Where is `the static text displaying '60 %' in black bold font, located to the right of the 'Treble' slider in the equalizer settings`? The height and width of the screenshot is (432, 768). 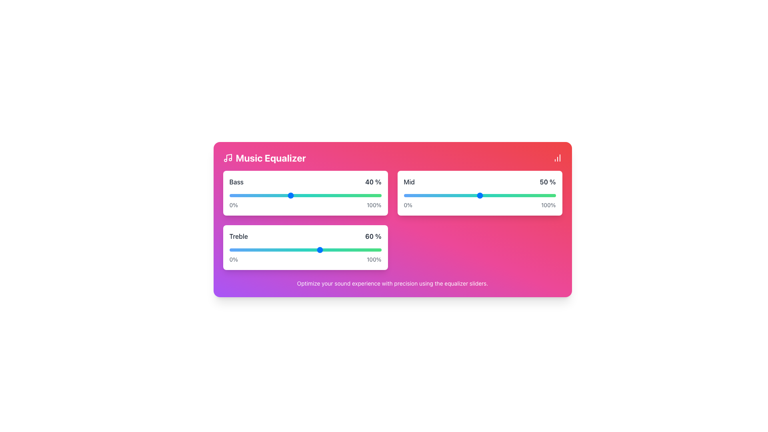 the static text displaying '60 %' in black bold font, located to the right of the 'Treble' slider in the equalizer settings is located at coordinates (373, 236).